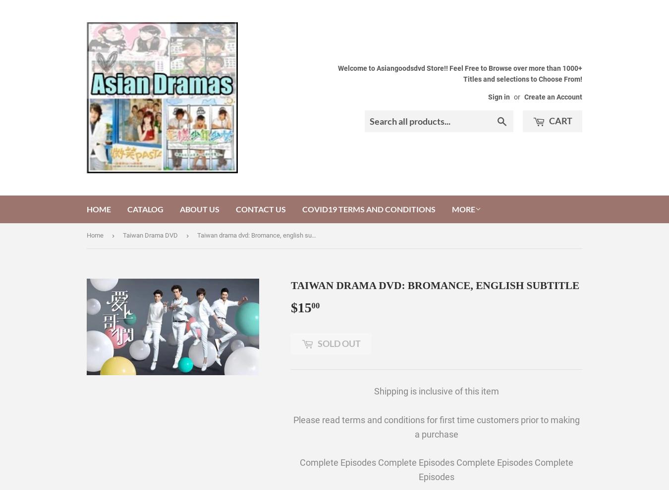  What do you see at coordinates (374, 391) in the screenshot?
I see `'Shipping is inclusive of this item'` at bounding box center [374, 391].